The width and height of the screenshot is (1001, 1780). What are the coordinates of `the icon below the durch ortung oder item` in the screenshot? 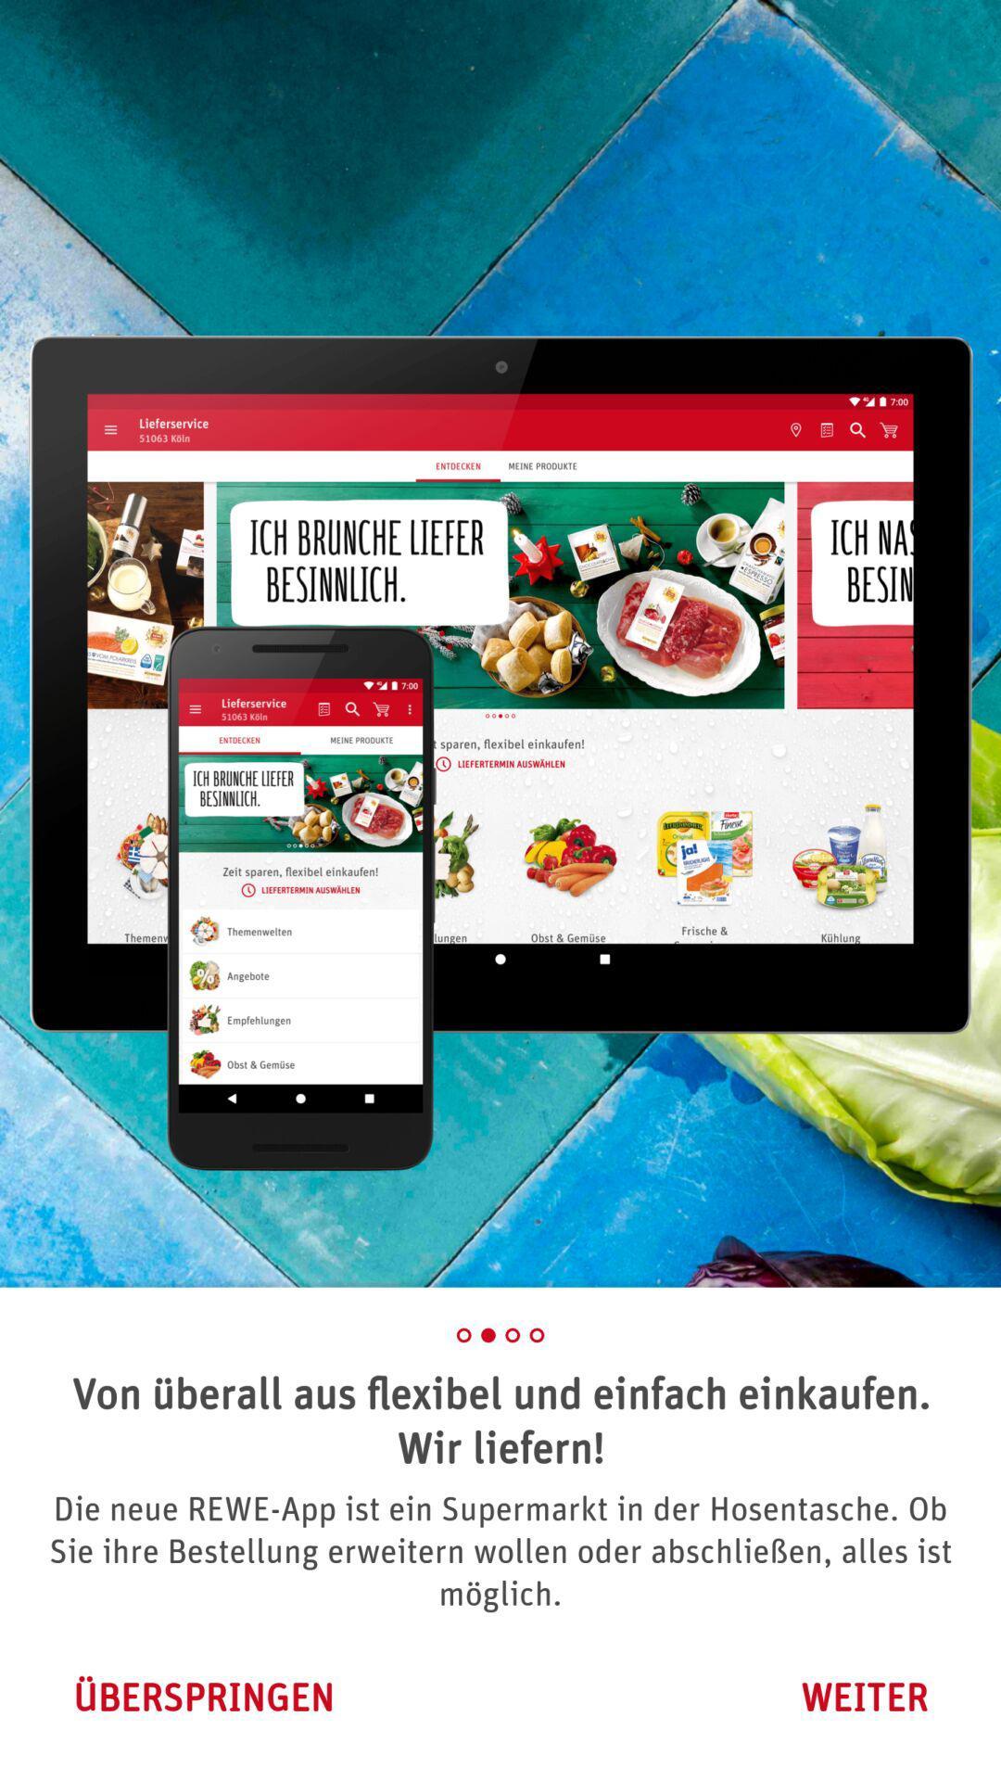 It's located at (203, 1697).